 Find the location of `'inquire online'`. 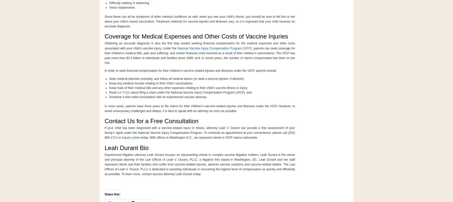

'inquire online' is located at coordinates (122, 137).